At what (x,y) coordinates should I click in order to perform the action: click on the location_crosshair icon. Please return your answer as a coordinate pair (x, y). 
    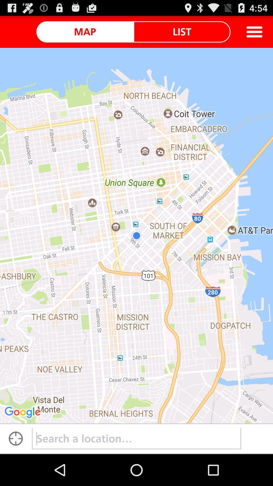
    Looking at the image, I should click on (15, 469).